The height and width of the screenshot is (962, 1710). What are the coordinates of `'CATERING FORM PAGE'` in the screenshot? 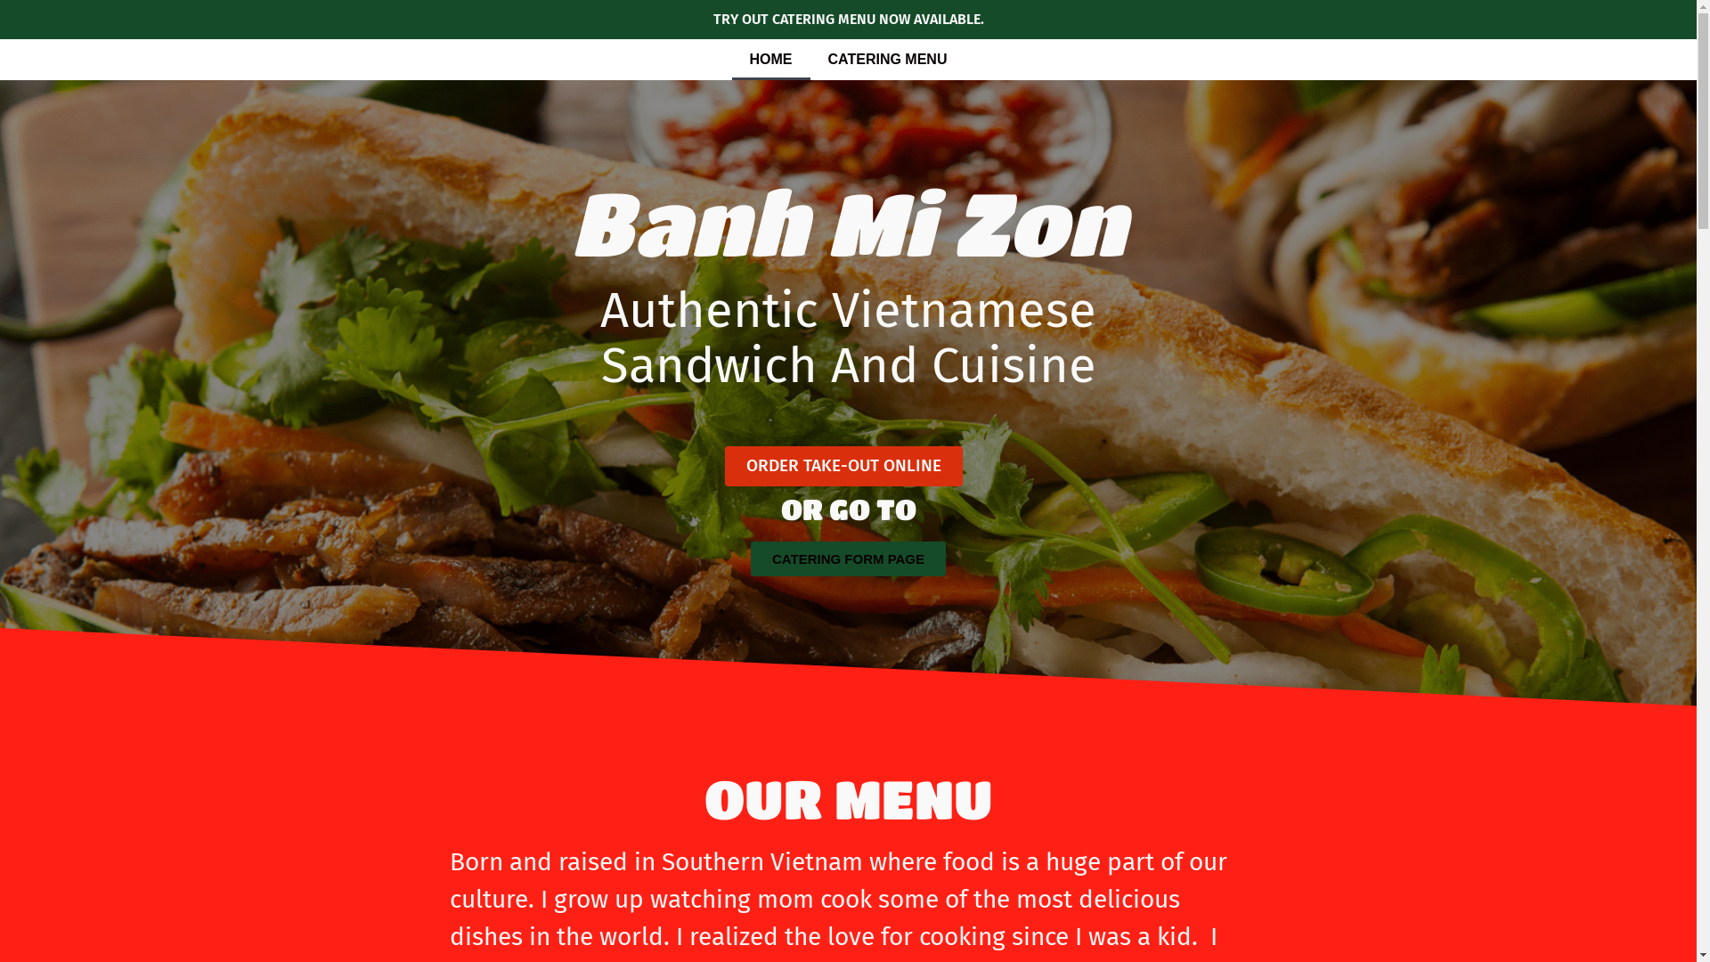 It's located at (751, 558).